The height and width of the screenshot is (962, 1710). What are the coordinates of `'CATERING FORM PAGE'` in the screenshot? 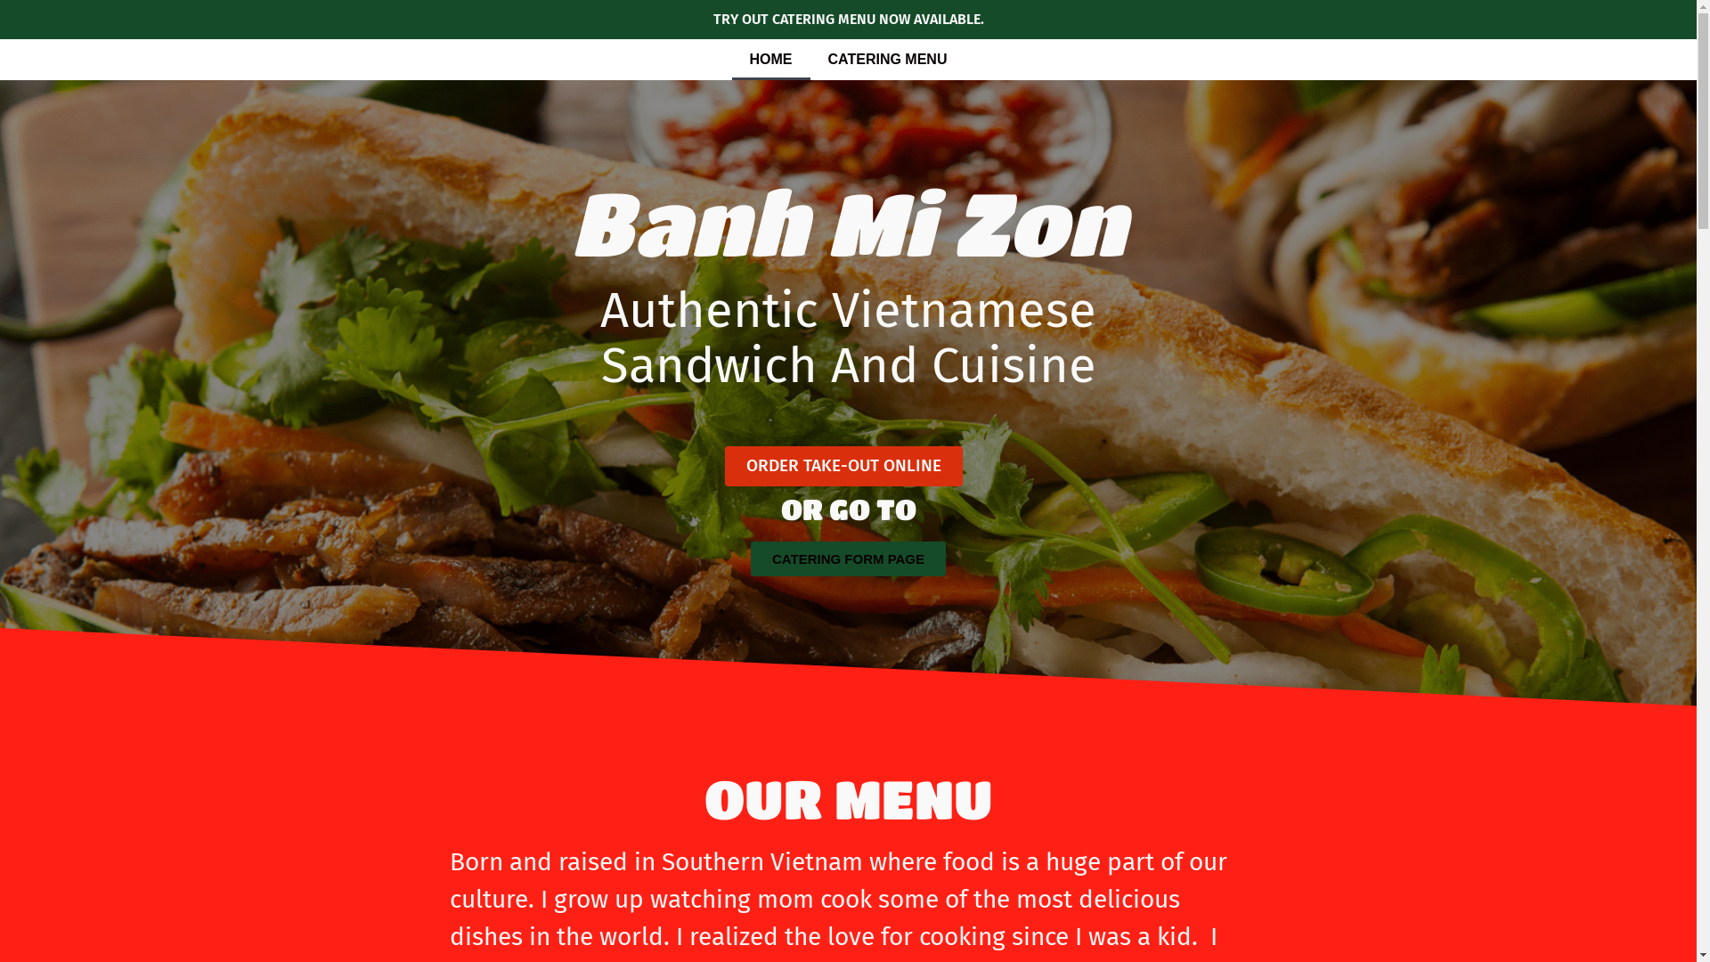 It's located at (751, 558).